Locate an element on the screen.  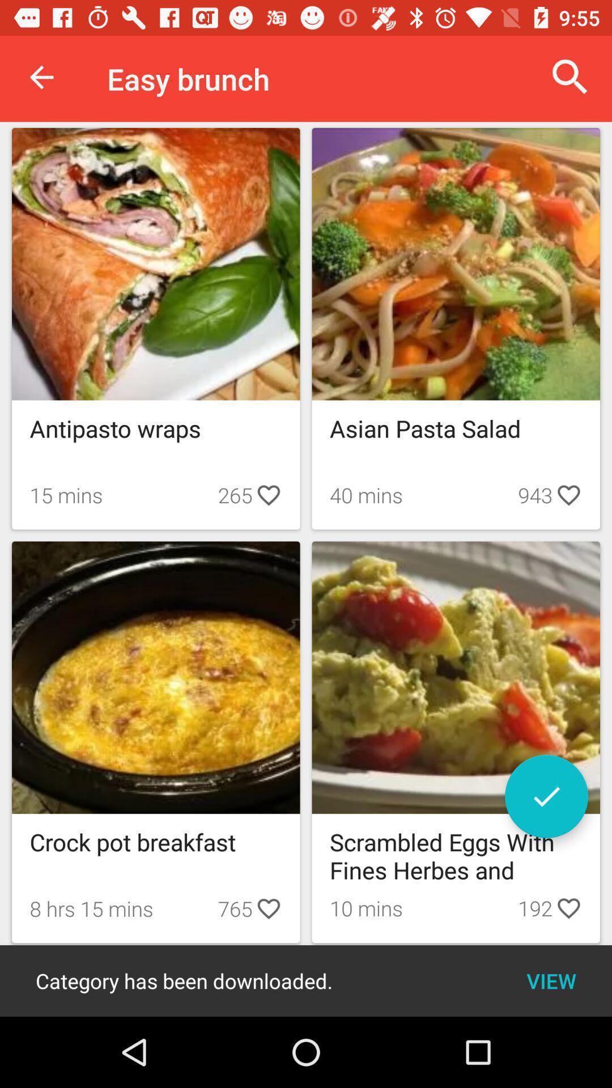
done is located at coordinates (546, 796).